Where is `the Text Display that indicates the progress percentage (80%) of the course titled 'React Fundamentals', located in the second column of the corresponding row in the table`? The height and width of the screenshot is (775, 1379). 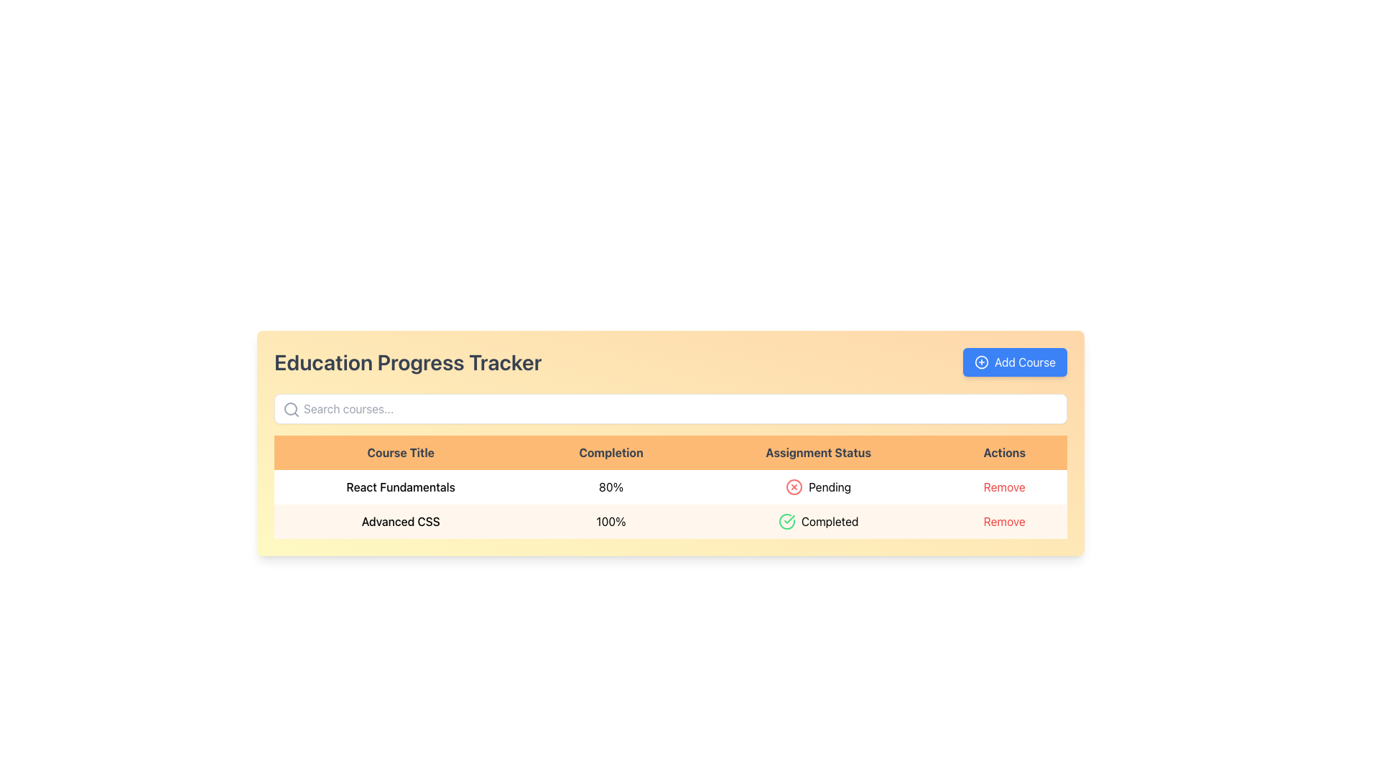
the Text Display that indicates the progress percentage (80%) of the course titled 'React Fundamentals', located in the second column of the corresponding row in the table is located at coordinates (611, 486).